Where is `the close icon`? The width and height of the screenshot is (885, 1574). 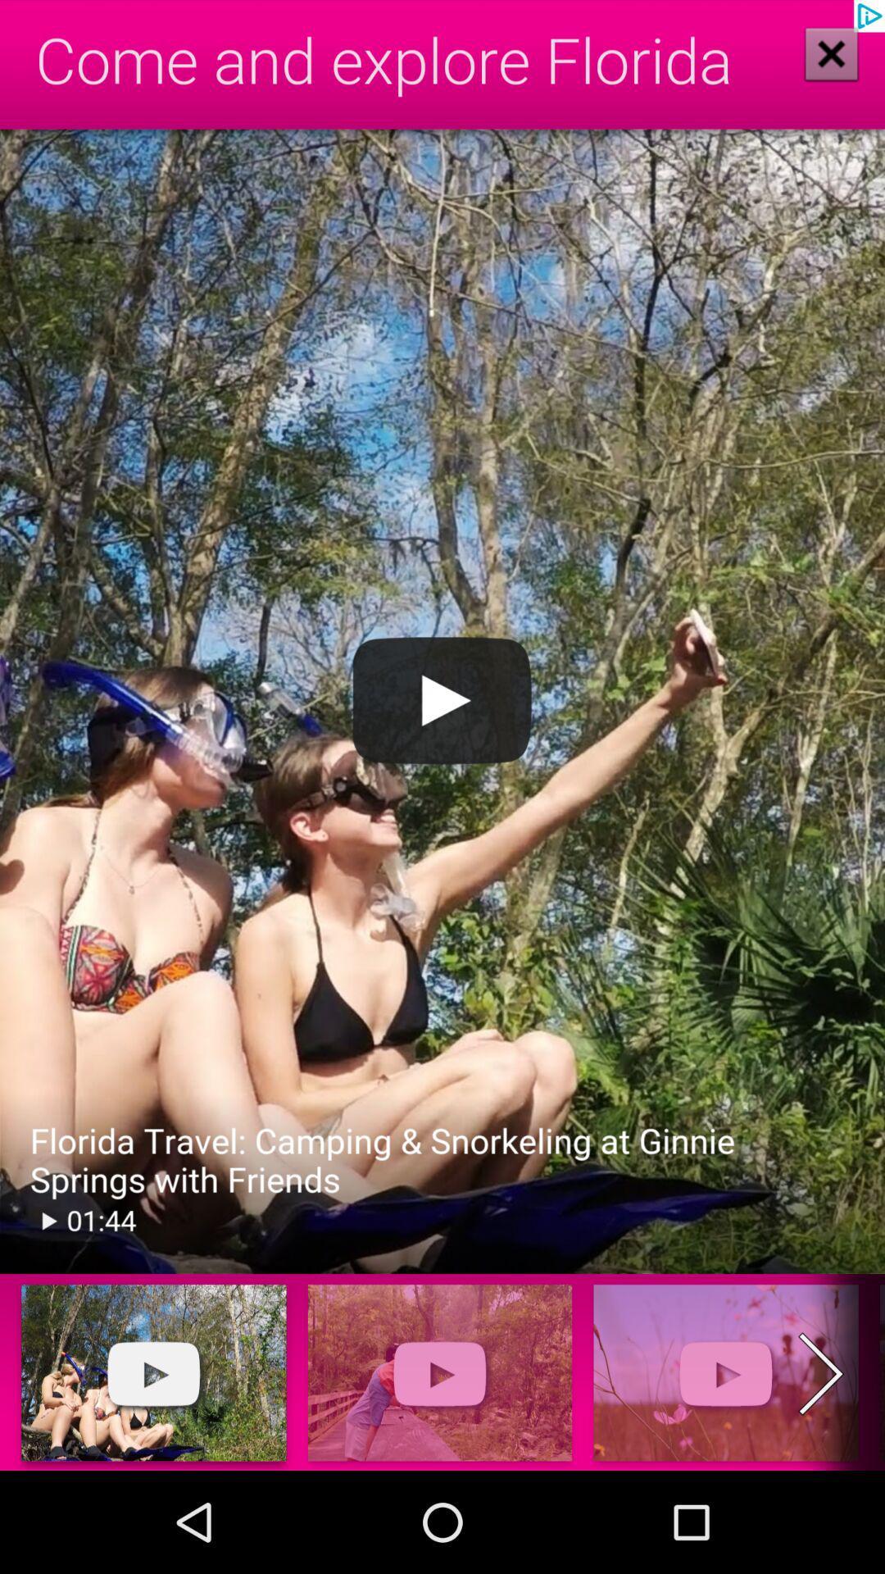 the close icon is located at coordinates (809, 80).